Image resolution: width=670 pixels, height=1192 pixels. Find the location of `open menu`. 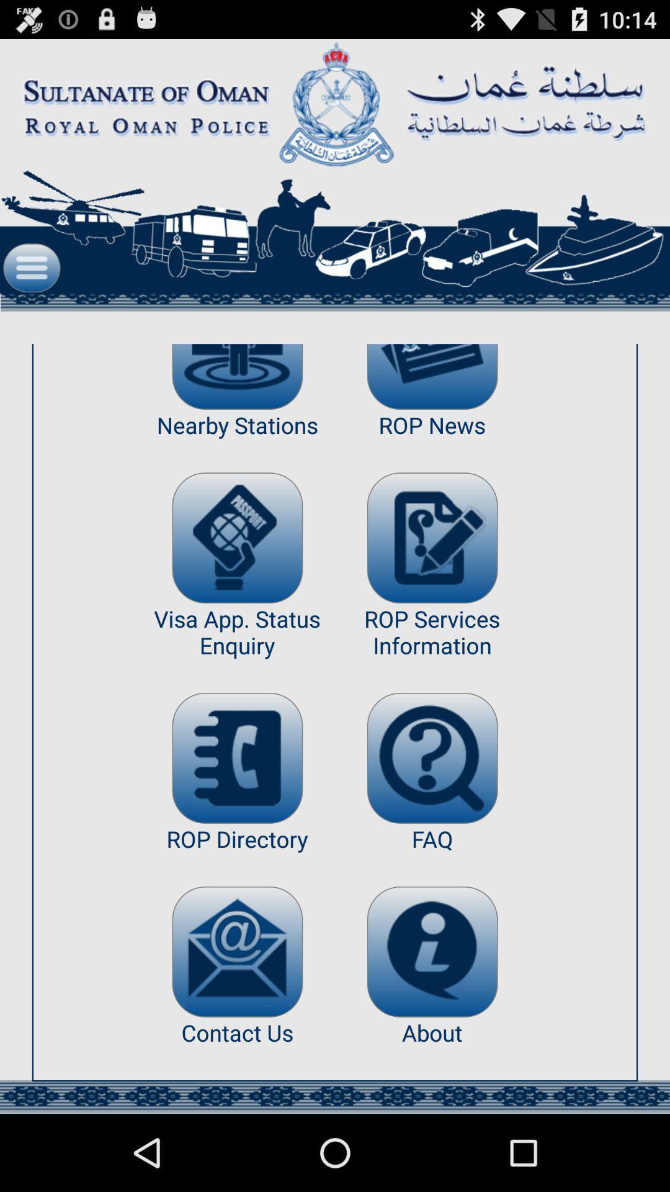

open menu is located at coordinates (31, 267).